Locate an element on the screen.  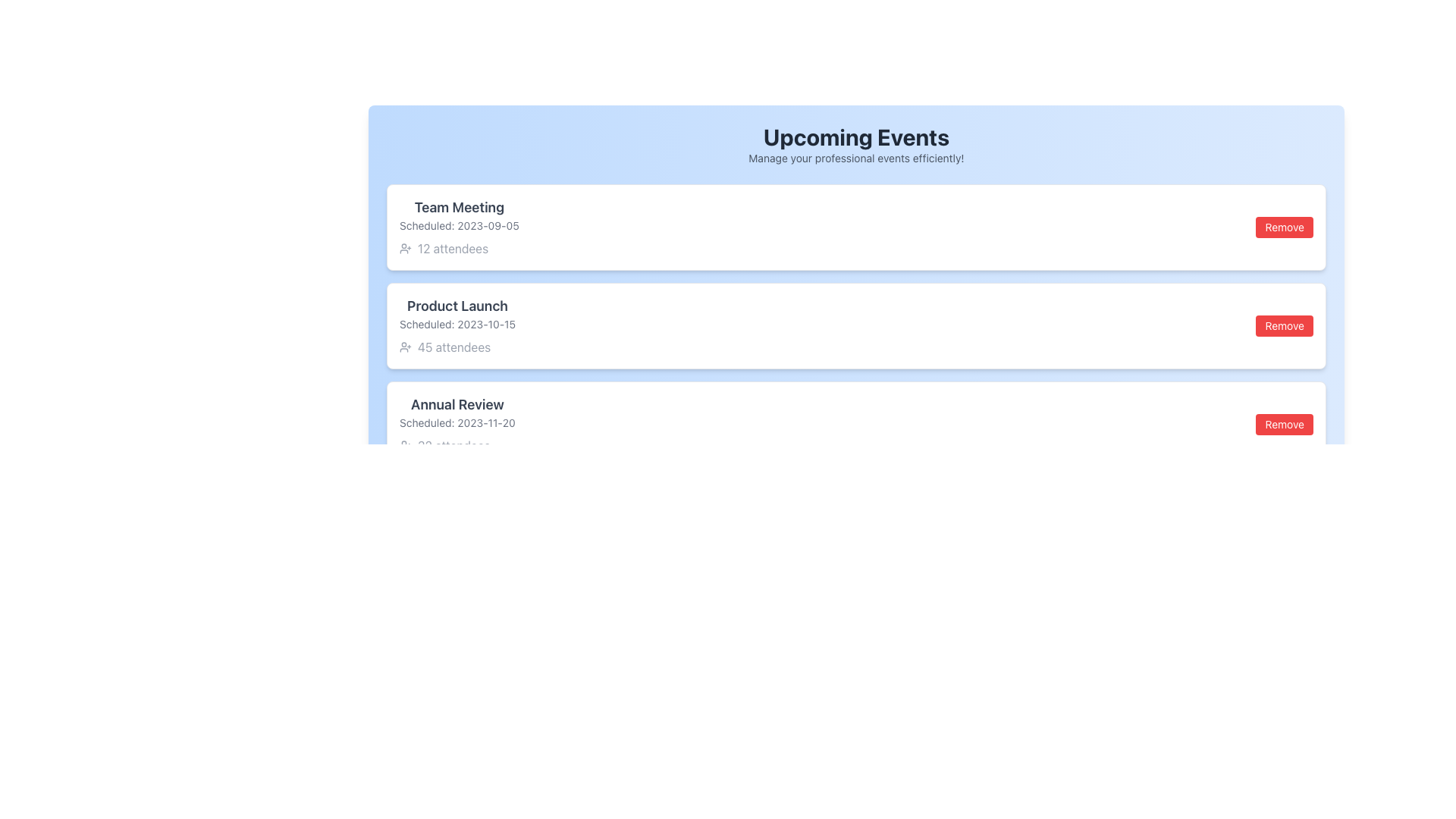
details of the Informational Block titled 'Annual Review' located beneath the 'Upcoming Events' header, which includes the date '2023-11-20' and '32 attendees' is located at coordinates (457, 424).